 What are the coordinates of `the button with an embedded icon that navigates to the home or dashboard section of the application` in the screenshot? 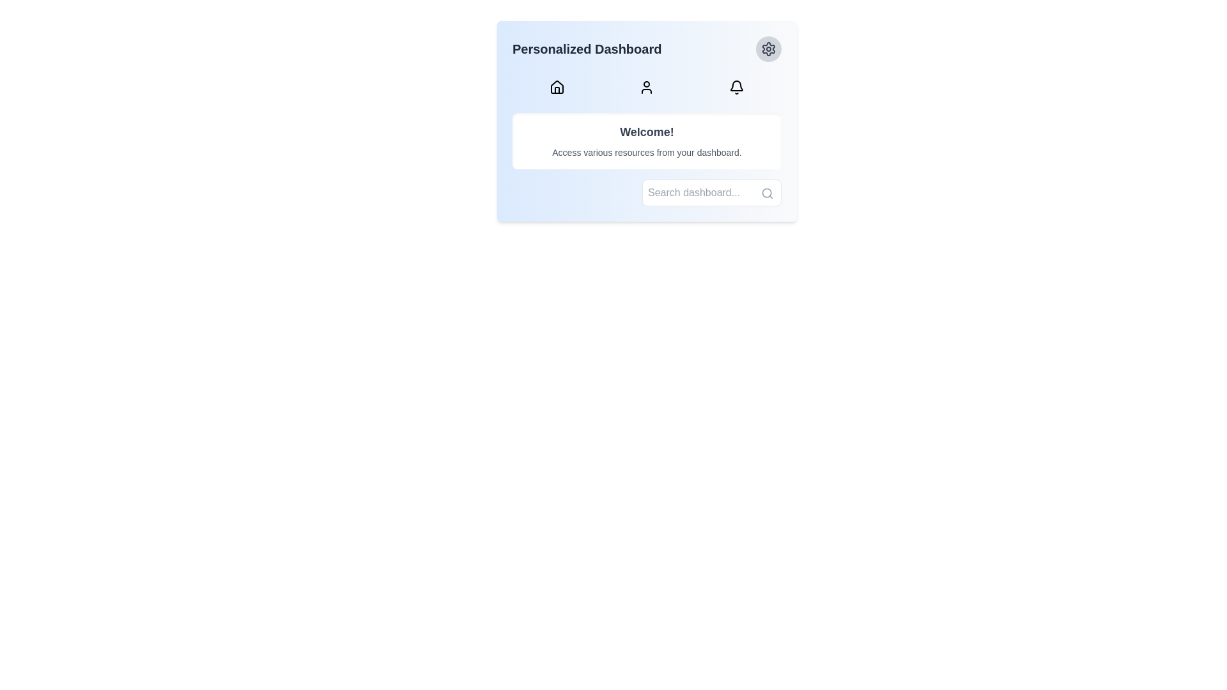 It's located at (557, 87).